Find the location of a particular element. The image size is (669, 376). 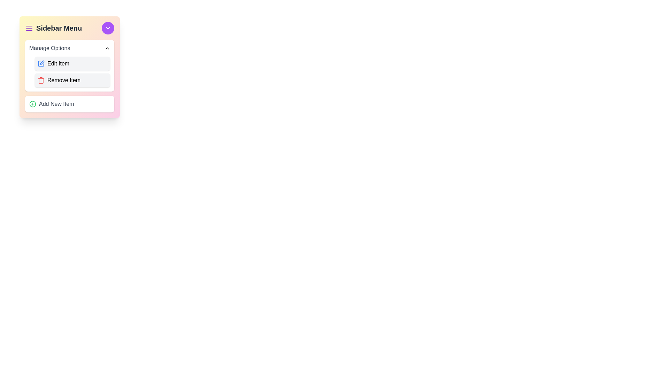

text of the 'Edit Item' label located within the sidebar menu button is located at coordinates (58, 63).